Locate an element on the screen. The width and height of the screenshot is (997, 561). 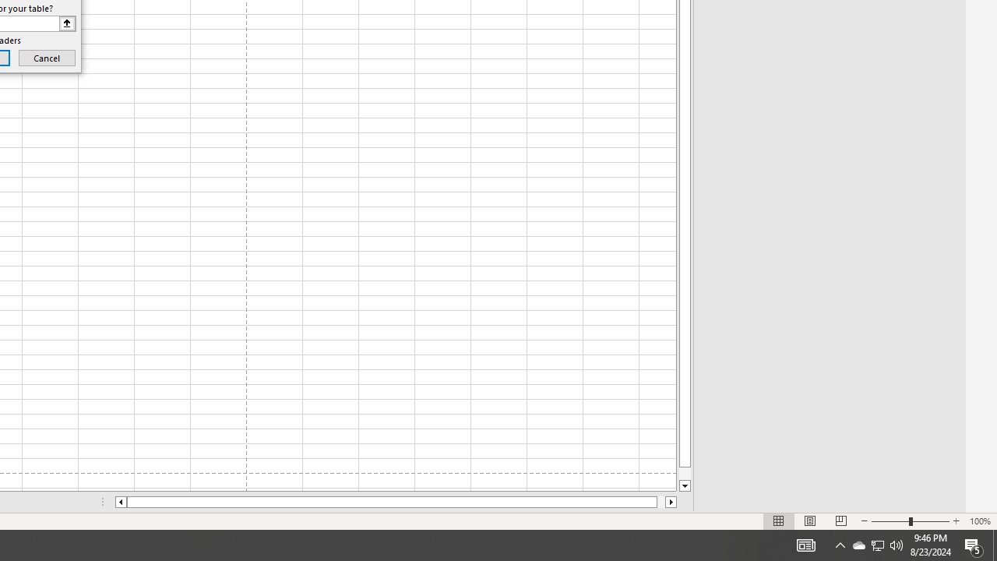
'Page down' is located at coordinates (685, 473).